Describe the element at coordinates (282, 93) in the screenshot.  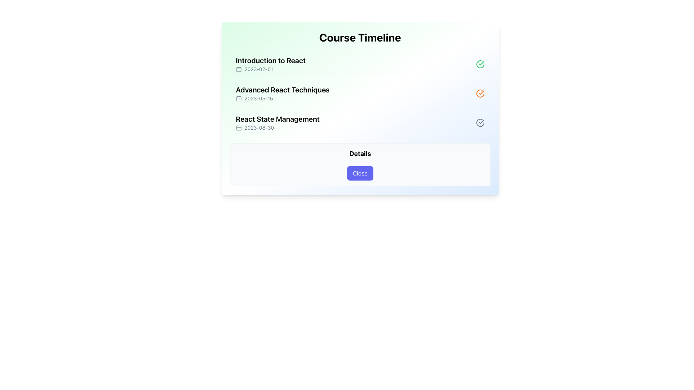
I see `the list item containing the text 'Advanced React Techniques'` at that location.